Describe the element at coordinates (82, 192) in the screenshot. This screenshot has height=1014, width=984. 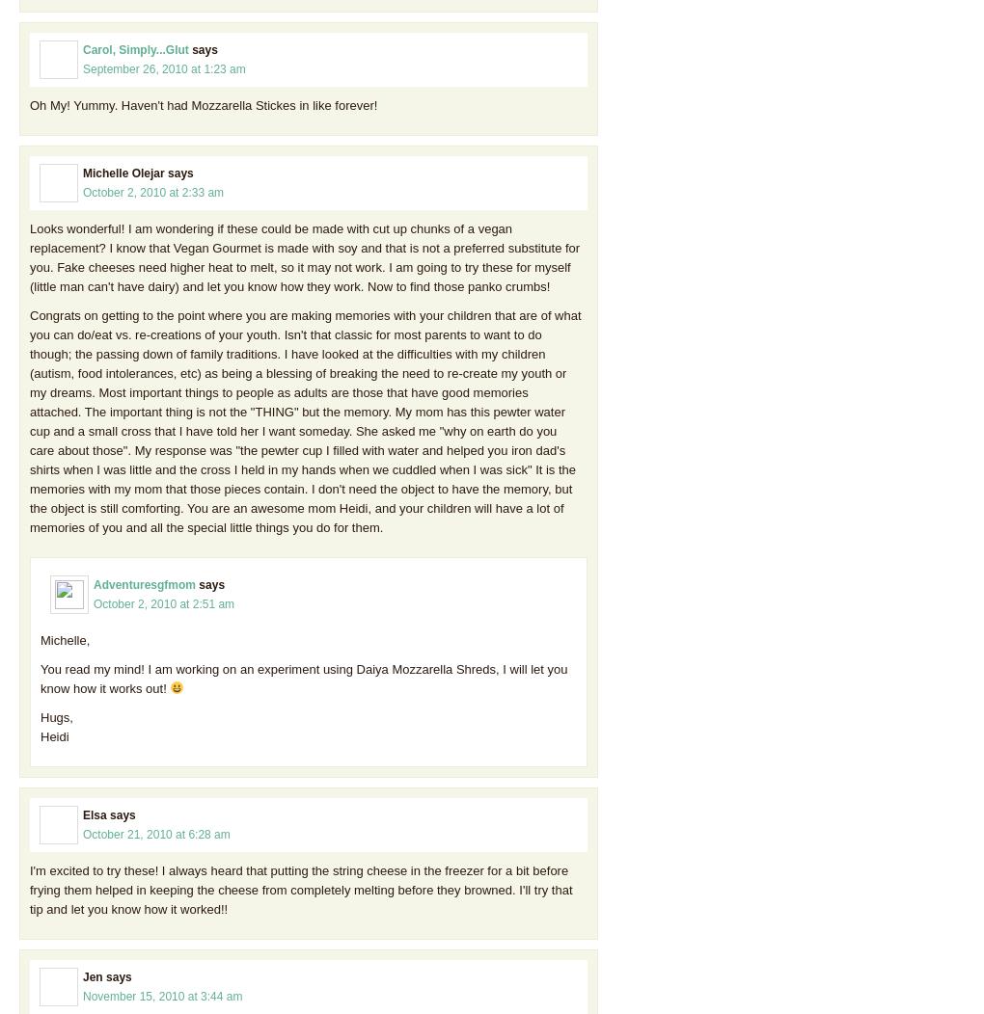
I see `'October 2, 2010 at 2:33 am'` at that location.